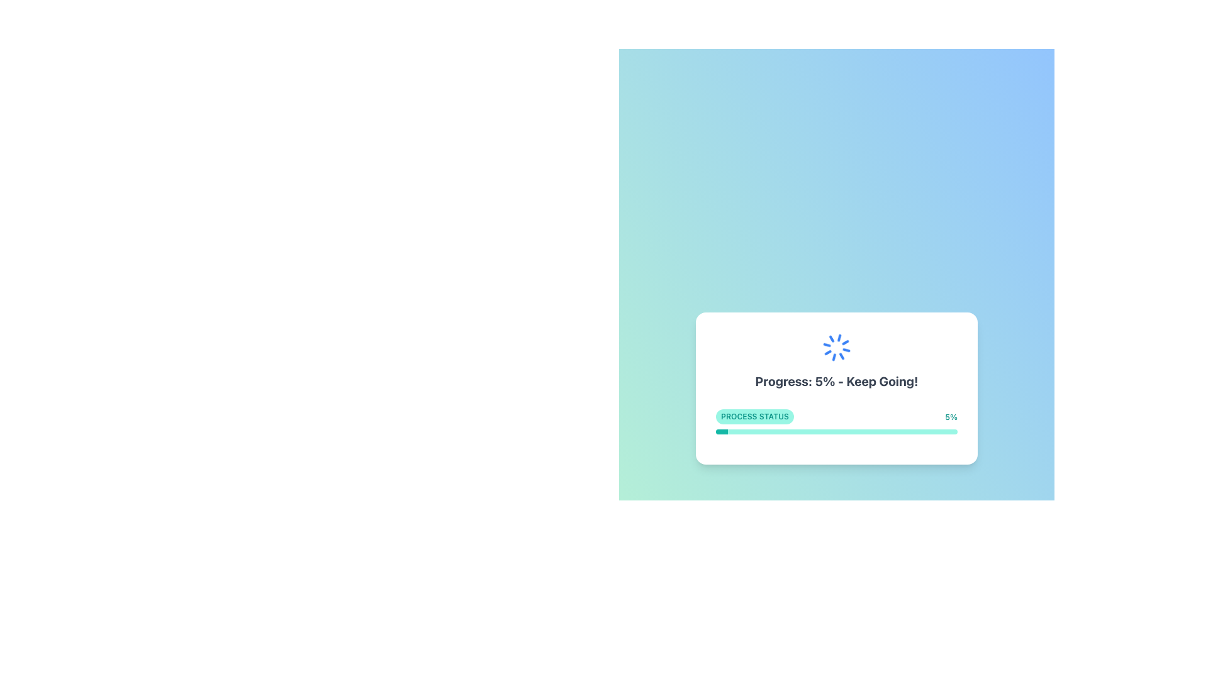 This screenshot has width=1208, height=679. I want to click on displayed progress information from the Text Label that provides feedback about the current progress percentage, positioned below the spinner and above the 'Process Status' progress bar, so click(836, 380).